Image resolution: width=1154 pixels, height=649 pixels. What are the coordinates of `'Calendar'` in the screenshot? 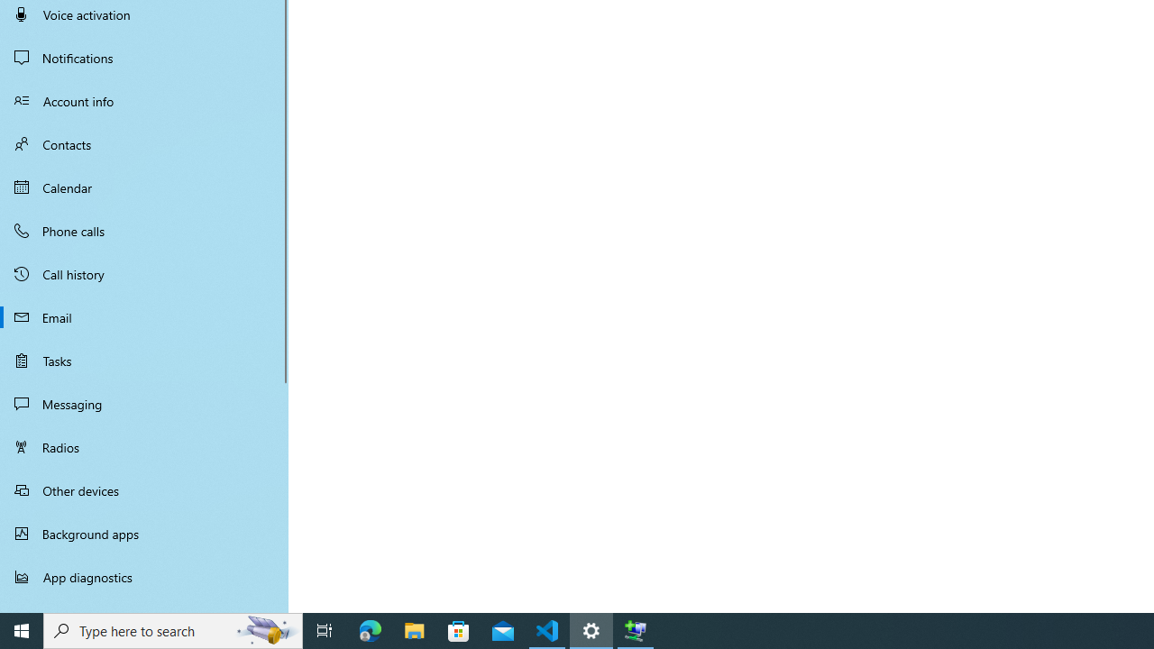 It's located at (144, 187).